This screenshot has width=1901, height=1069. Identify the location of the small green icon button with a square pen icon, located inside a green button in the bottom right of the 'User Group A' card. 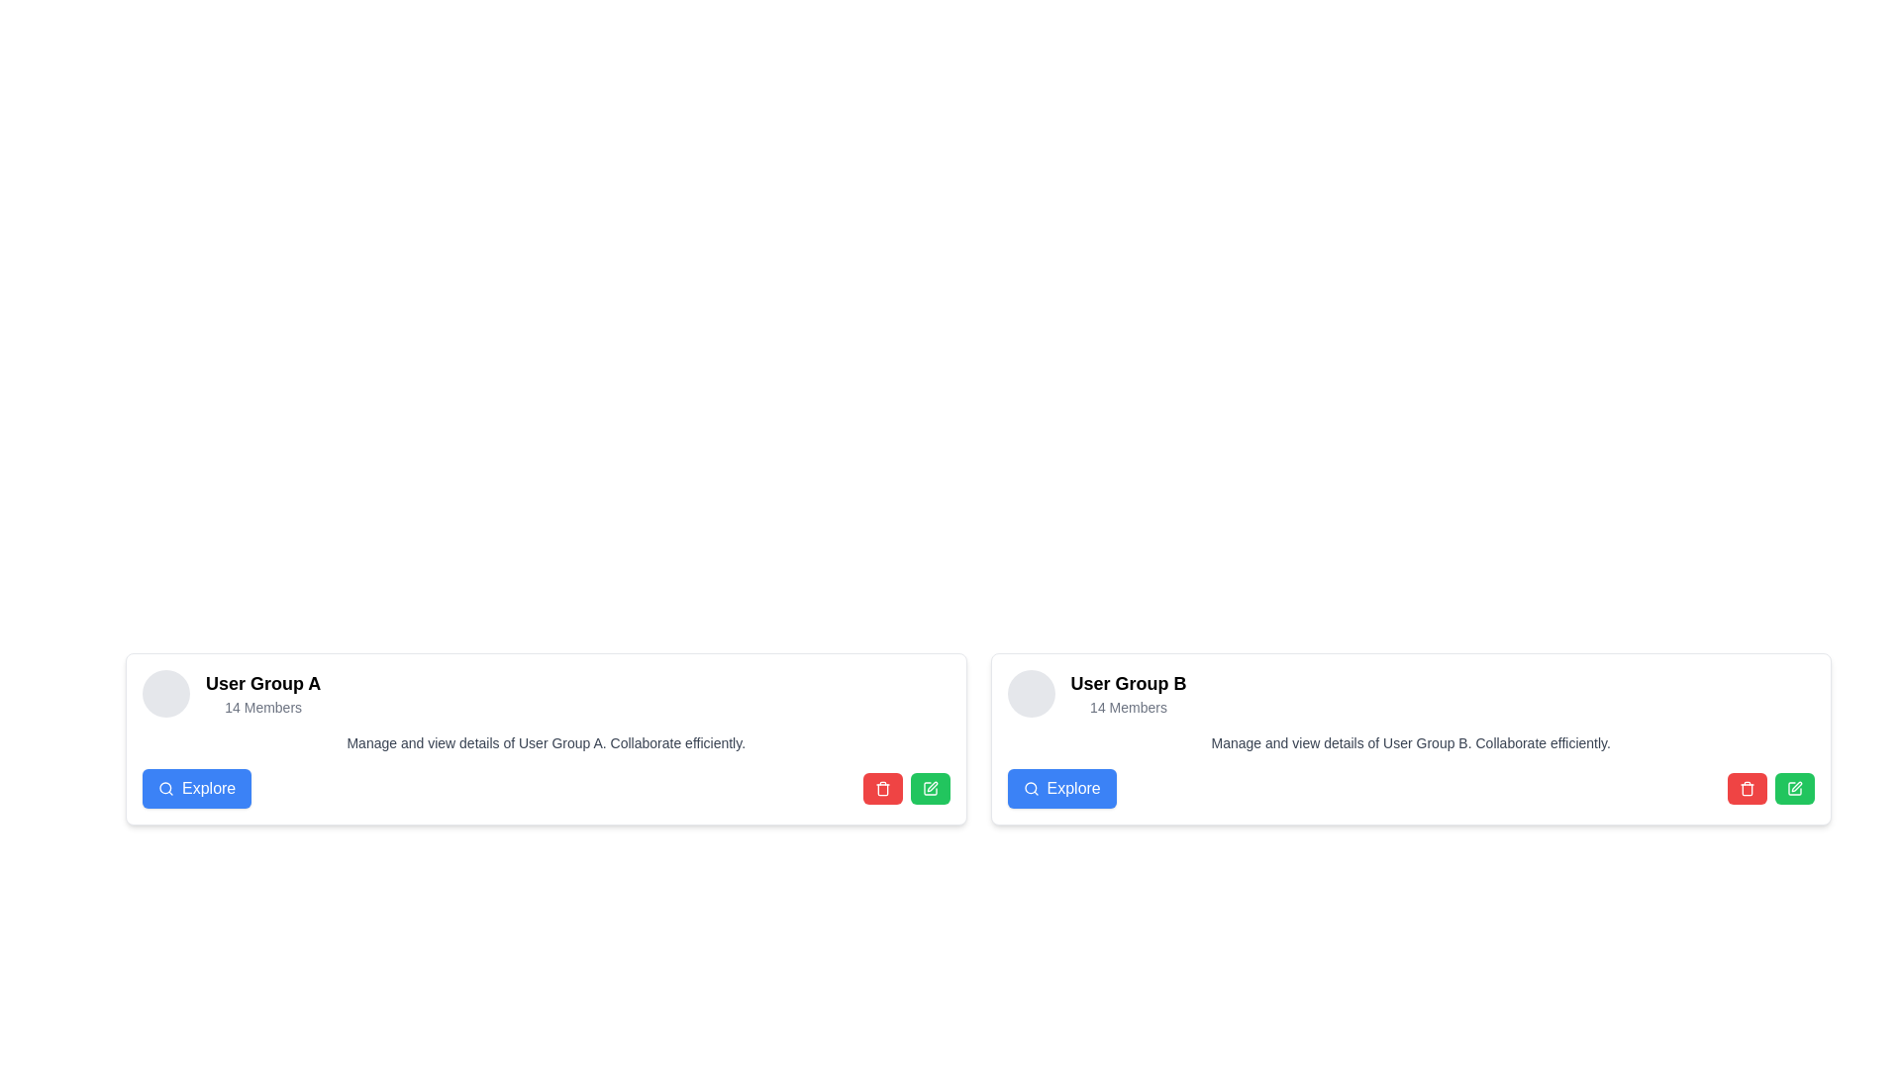
(929, 788).